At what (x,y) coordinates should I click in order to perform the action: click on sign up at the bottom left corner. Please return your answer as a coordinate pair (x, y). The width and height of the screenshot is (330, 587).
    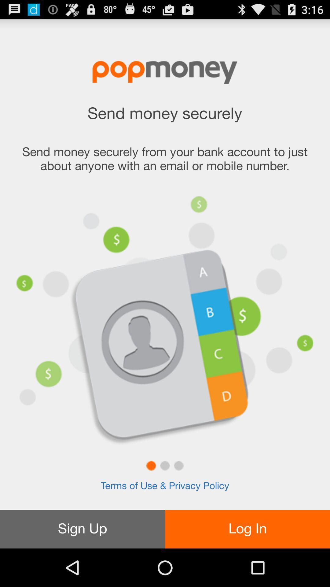
    Looking at the image, I should click on (82, 529).